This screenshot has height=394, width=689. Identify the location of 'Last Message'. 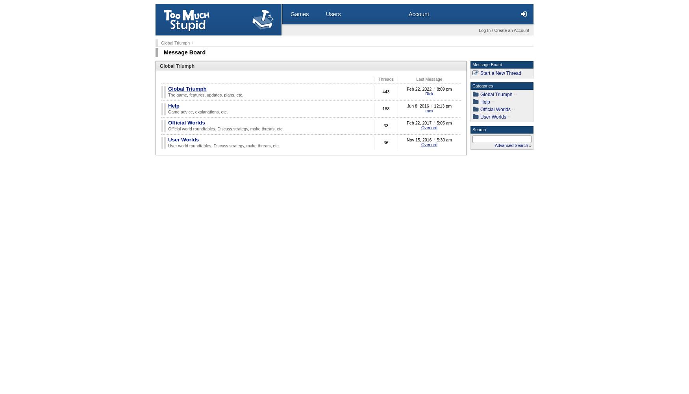
(429, 79).